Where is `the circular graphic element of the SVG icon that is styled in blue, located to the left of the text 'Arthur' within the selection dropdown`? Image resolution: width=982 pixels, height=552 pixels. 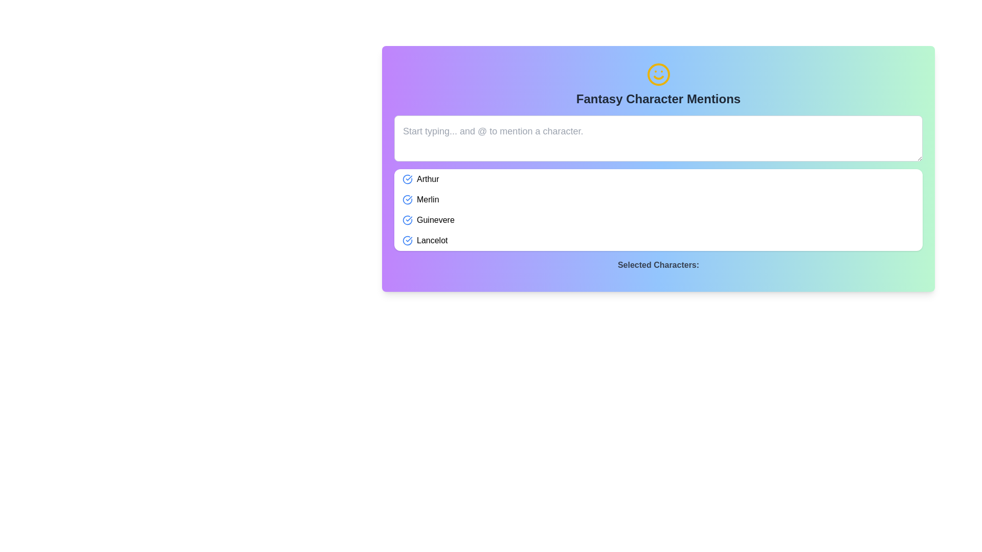 the circular graphic element of the SVG icon that is styled in blue, located to the left of the text 'Arthur' within the selection dropdown is located at coordinates (407, 179).